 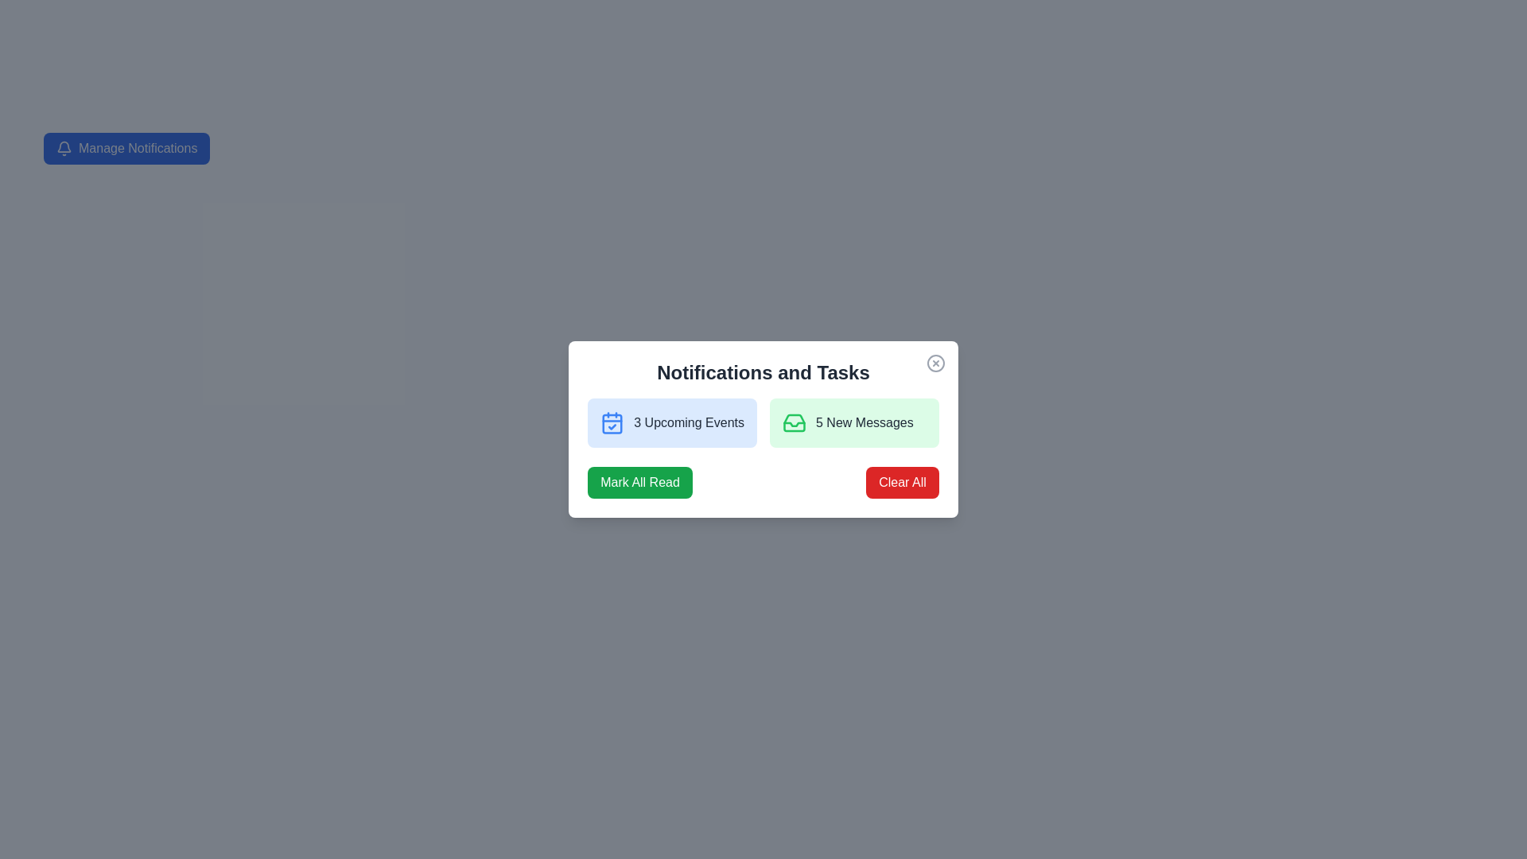 What do you see at coordinates (640, 481) in the screenshot?
I see `the 'Mark All as Read' button located in the bottom-left corner of the 'Notifications and Tasks' dialog to prepare for interaction` at bounding box center [640, 481].